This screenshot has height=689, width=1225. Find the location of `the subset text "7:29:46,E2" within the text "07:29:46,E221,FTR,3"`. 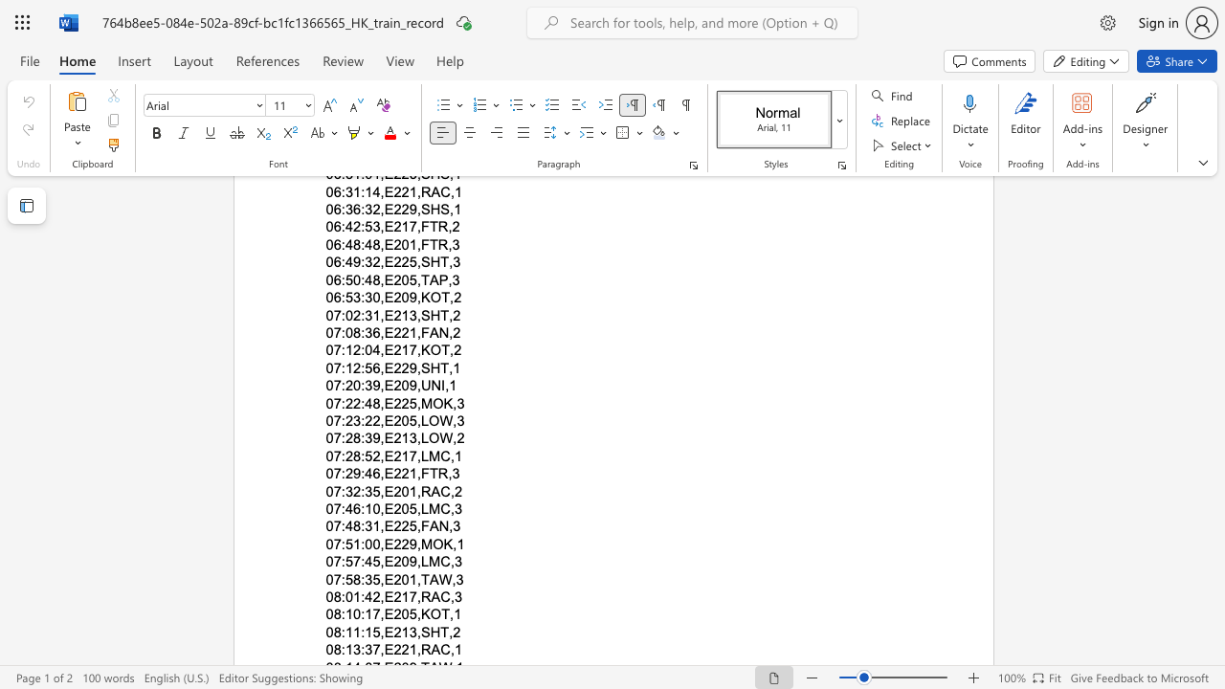

the subset text "7:29:46,E2" within the text "07:29:46,E221,FTR,3" is located at coordinates (333, 474).